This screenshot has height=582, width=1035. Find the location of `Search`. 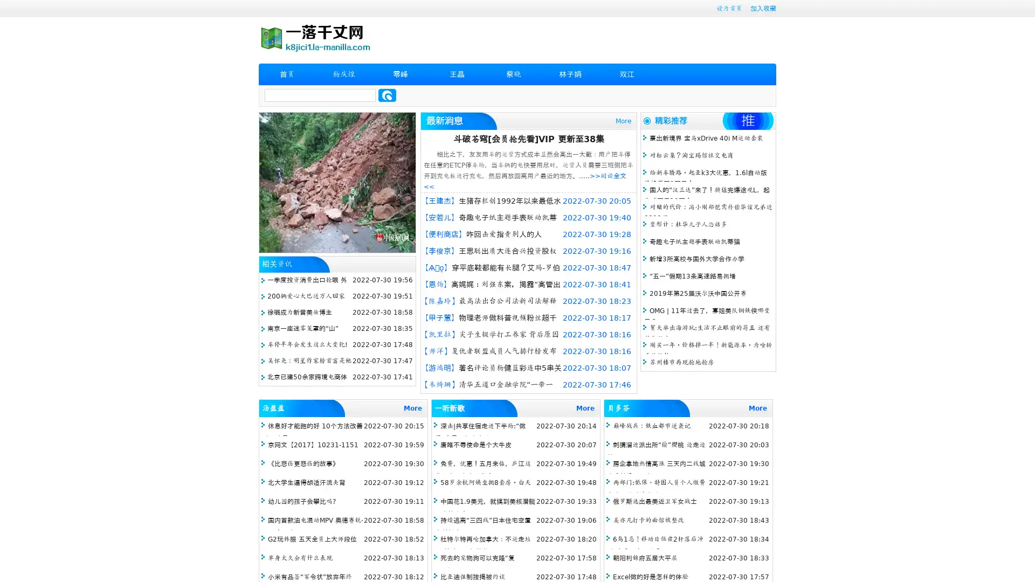

Search is located at coordinates (387, 95).